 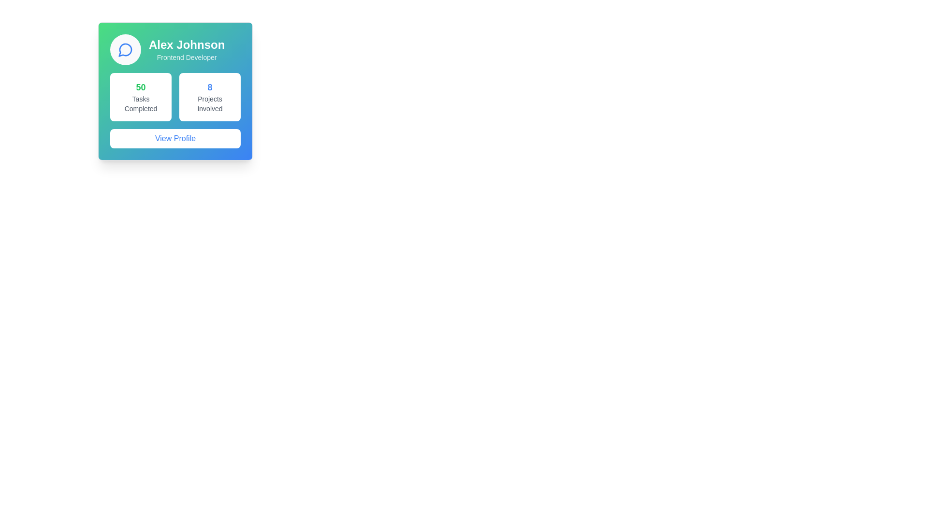 What do you see at coordinates (140, 97) in the screenshot?
I see `information displayed on the informational card showing '50' in green and 'Tasks Completed' in gray, located on the left side of the grid layout` at bounding box center [140, 97].